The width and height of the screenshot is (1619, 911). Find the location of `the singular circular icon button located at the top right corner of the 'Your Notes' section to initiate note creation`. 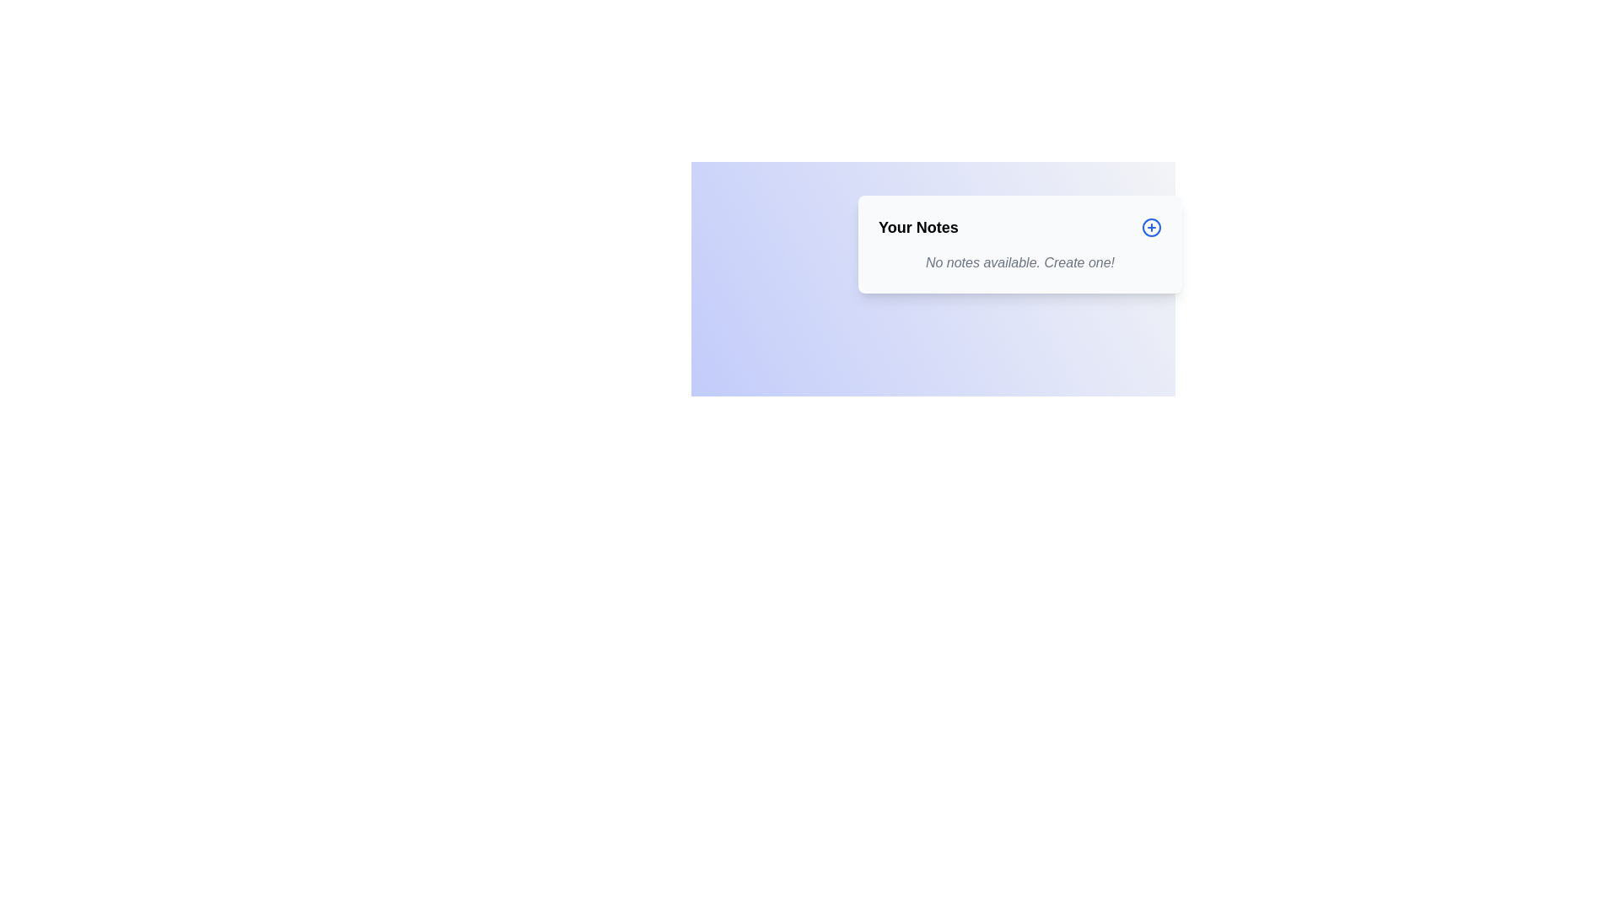

the singular circular icon button located at the top right corner of the 'Your Notes' section to initiate note creation is located at coordinates (1151, 228).